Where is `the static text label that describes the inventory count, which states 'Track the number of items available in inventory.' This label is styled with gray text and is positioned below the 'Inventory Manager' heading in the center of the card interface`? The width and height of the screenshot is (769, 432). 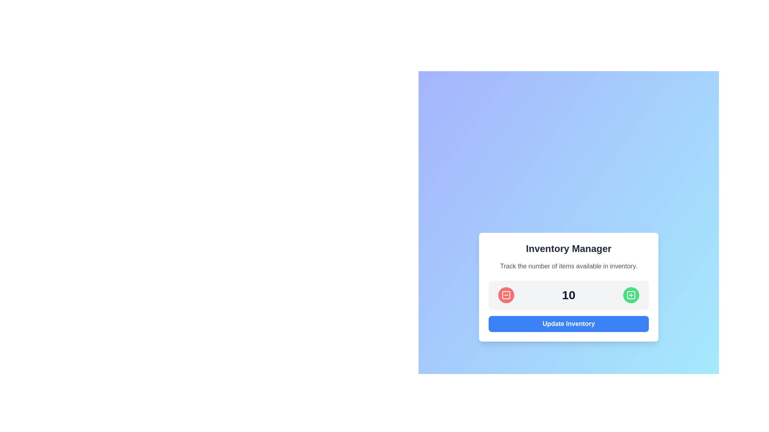
the static text label that describes the inventory count, which states 'Track the number of items available in inventory.' This label is styled with gray text and is positioned below the 'Inventory Manager' heading in the center of the card interface is located at coordinates (568, 266).